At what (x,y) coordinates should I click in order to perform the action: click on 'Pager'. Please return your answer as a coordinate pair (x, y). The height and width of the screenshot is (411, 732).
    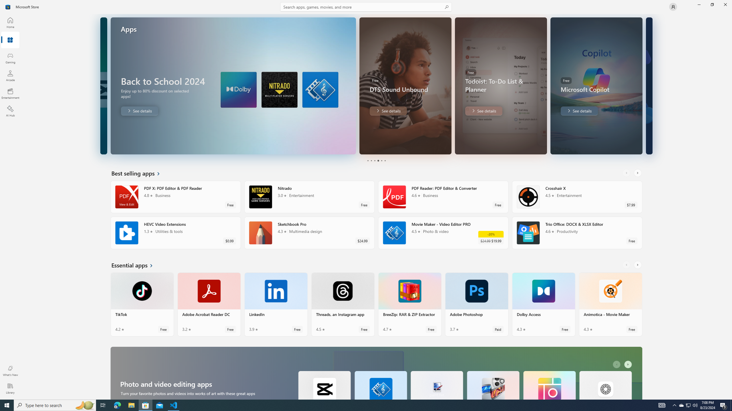
    Looking at the image, I should click on (376, 160).